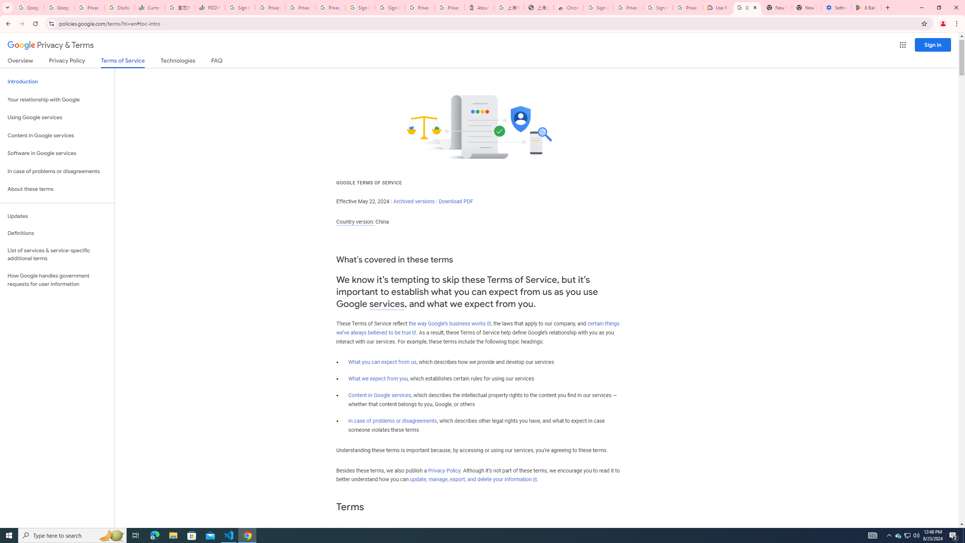 Image resolution: width=965 pixels, height=543 pixels. What do you see at coordinates (149, 7) in the screenshot?
I see `'Currencies - Google Finance'` at bounding box center [149, 7].